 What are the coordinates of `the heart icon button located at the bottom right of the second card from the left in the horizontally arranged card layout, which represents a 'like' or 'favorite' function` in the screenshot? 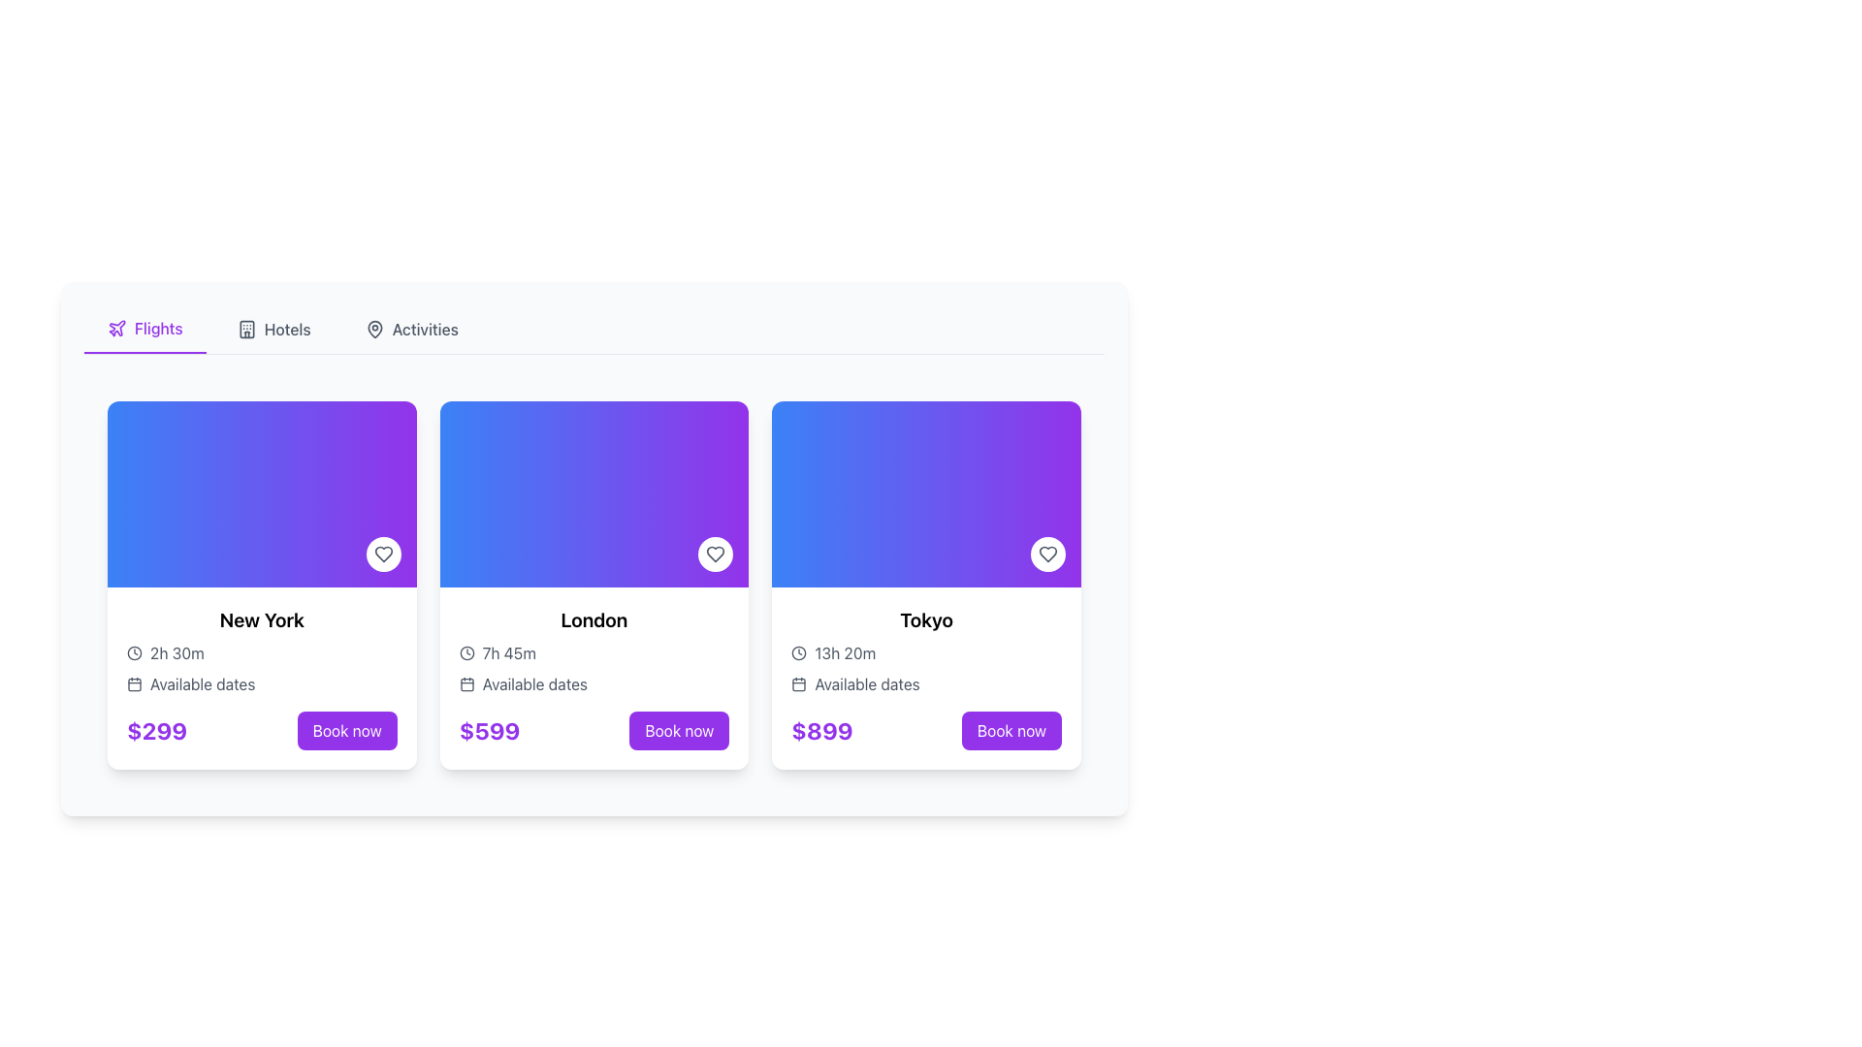 It's located at (1046, 554).